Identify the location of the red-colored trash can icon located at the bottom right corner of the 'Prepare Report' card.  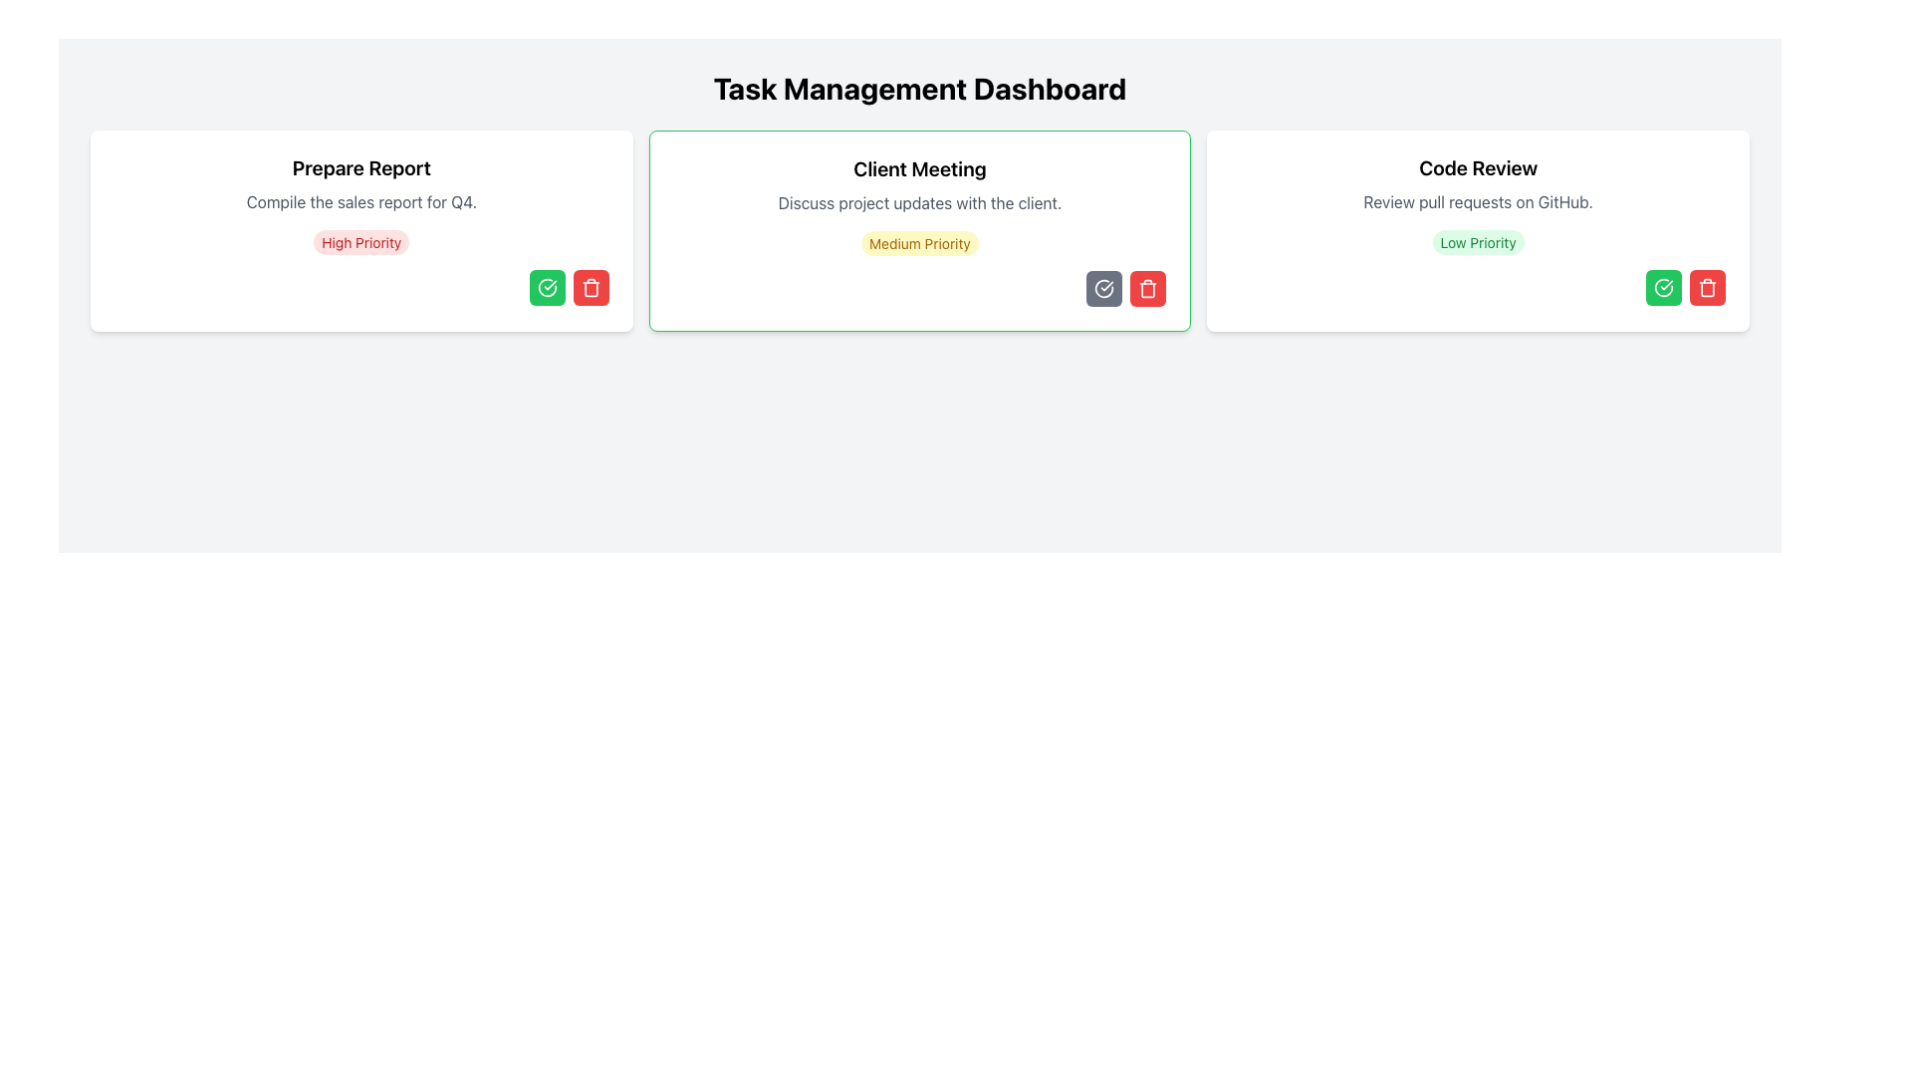
(590, 288).